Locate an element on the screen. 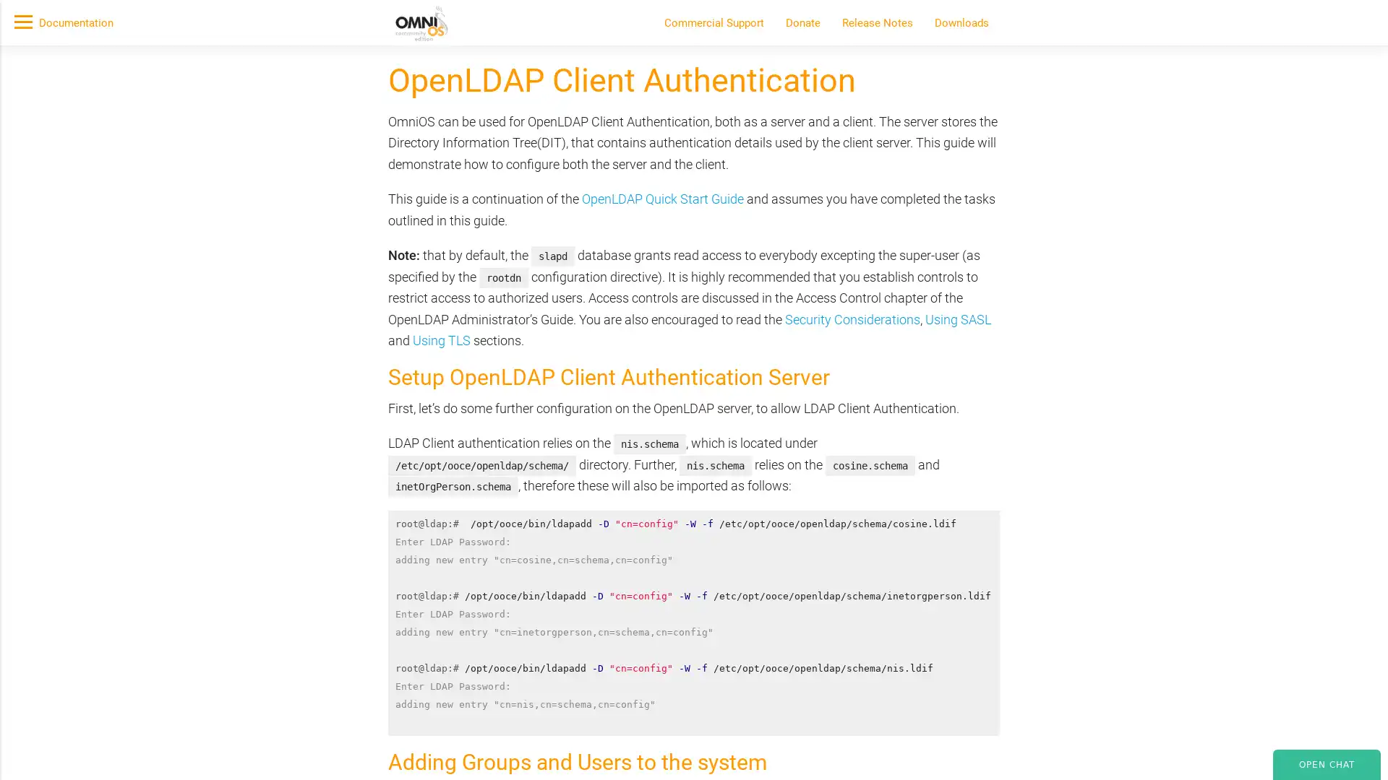  CLOSE is located at coordinates (1032, 214).